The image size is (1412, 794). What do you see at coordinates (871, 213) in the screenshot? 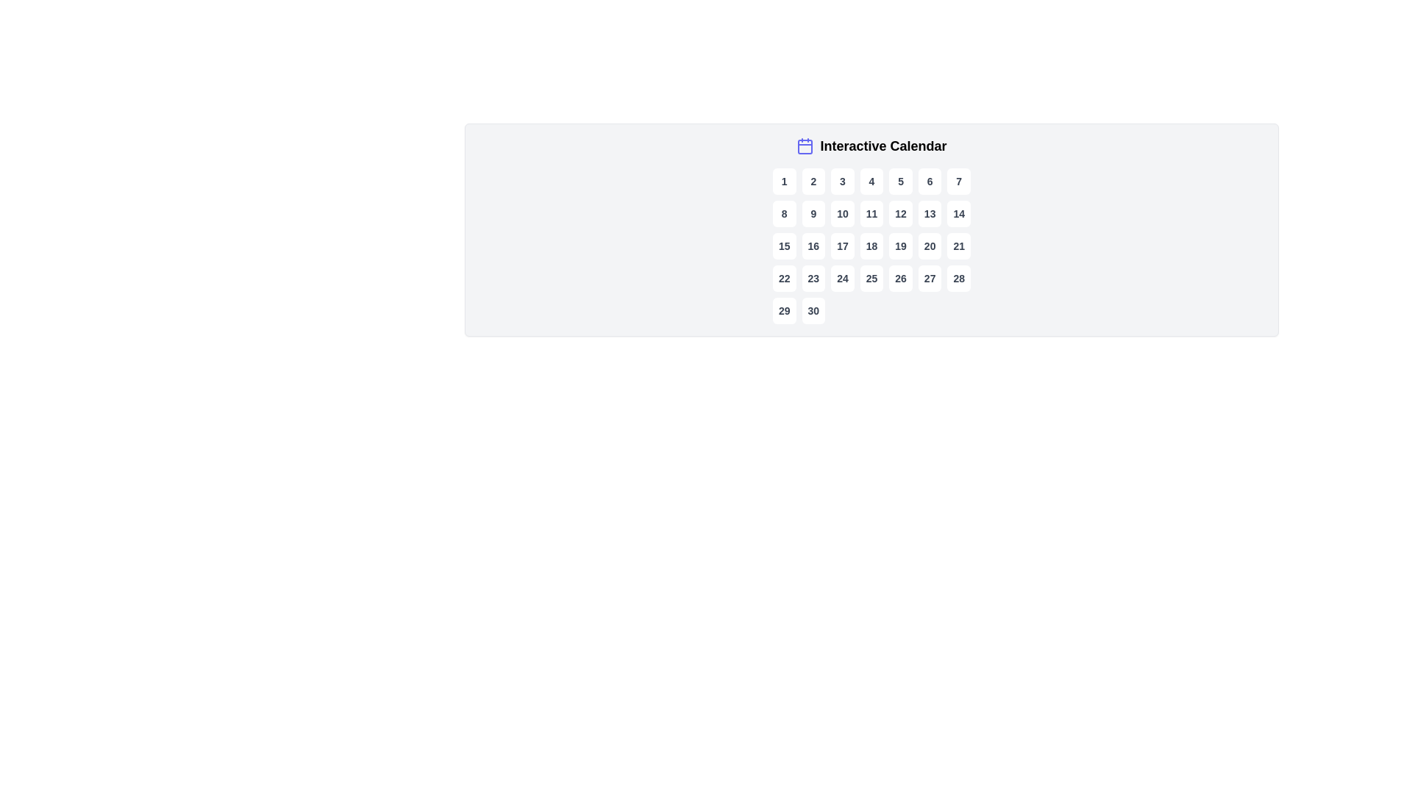
I see `the button representing the eleventh day in the calendar view` at bounding box center [871, 213].